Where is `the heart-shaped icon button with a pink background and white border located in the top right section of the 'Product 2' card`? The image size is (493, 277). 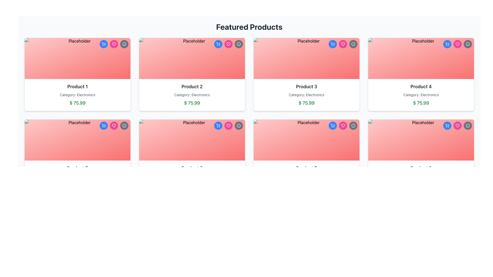
the heart-shaped icon button with a pink background and white border located in the top right section of the 'Product 2' card is located at coordinates (228, 44).